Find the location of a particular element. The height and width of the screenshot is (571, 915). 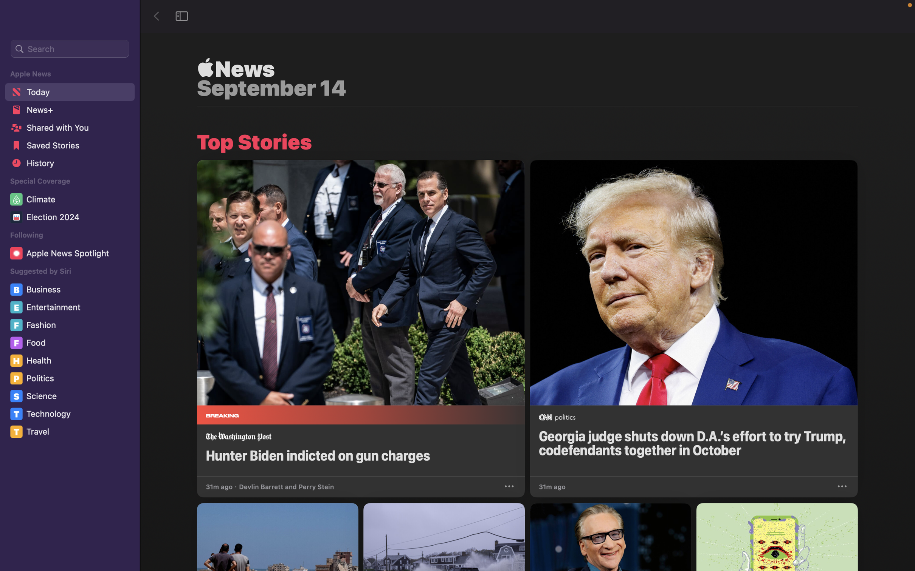

the "History" section is located at coordinates (69, 165).